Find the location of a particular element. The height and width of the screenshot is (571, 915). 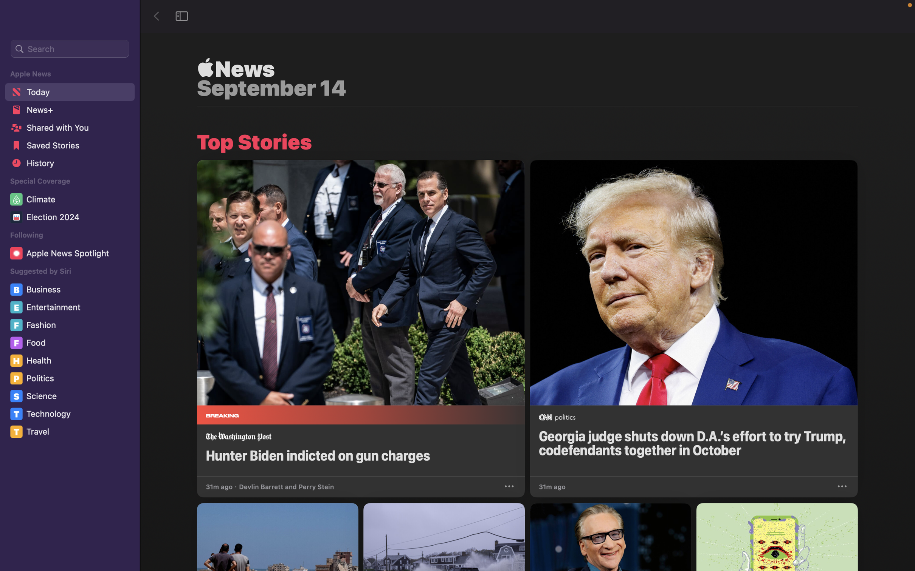

the "History" section is located at coordinates (69, 165).